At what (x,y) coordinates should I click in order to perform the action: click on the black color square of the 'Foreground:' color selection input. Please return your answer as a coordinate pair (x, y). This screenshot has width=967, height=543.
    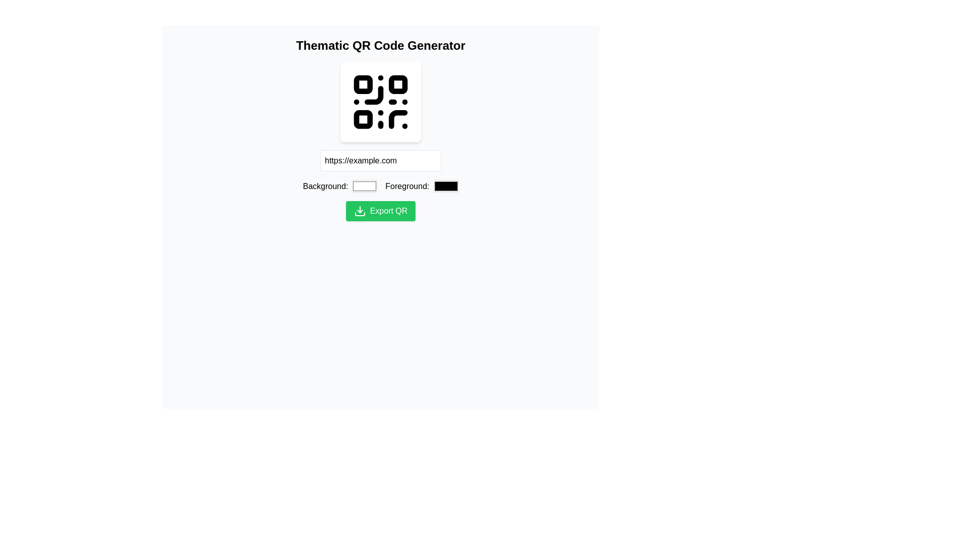
    Looking at the image, I should click on (422, 186).